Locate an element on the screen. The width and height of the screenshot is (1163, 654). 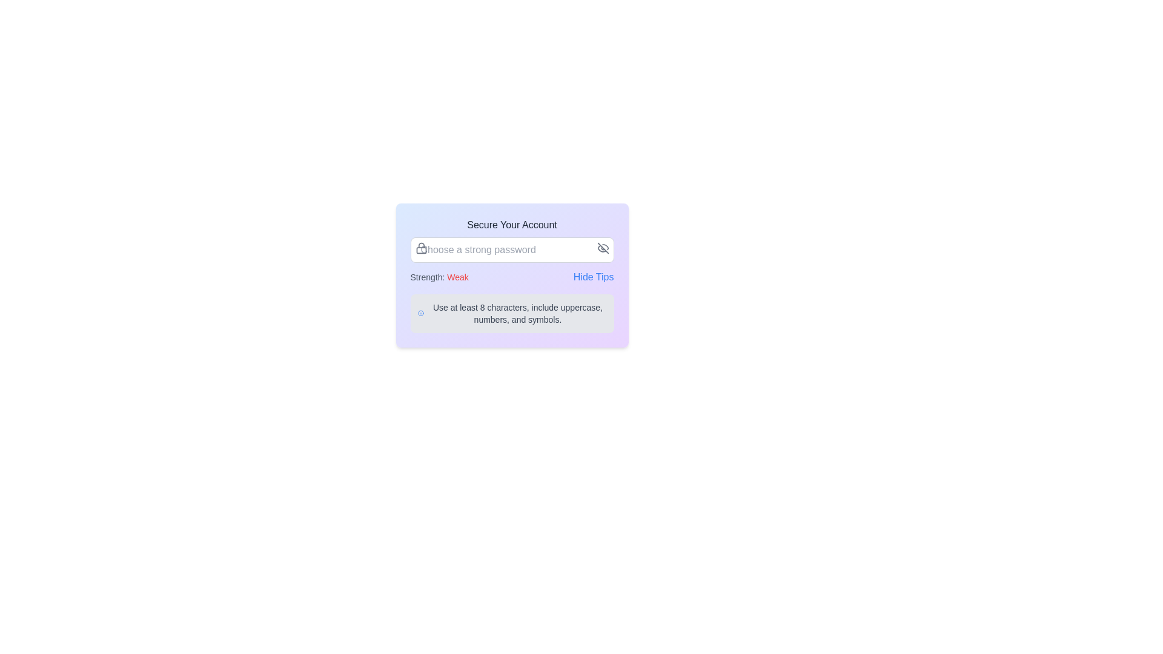
the text link on the right side of the password strength indicator to hide the tips related to password creation is located at coordinates (594, 277).